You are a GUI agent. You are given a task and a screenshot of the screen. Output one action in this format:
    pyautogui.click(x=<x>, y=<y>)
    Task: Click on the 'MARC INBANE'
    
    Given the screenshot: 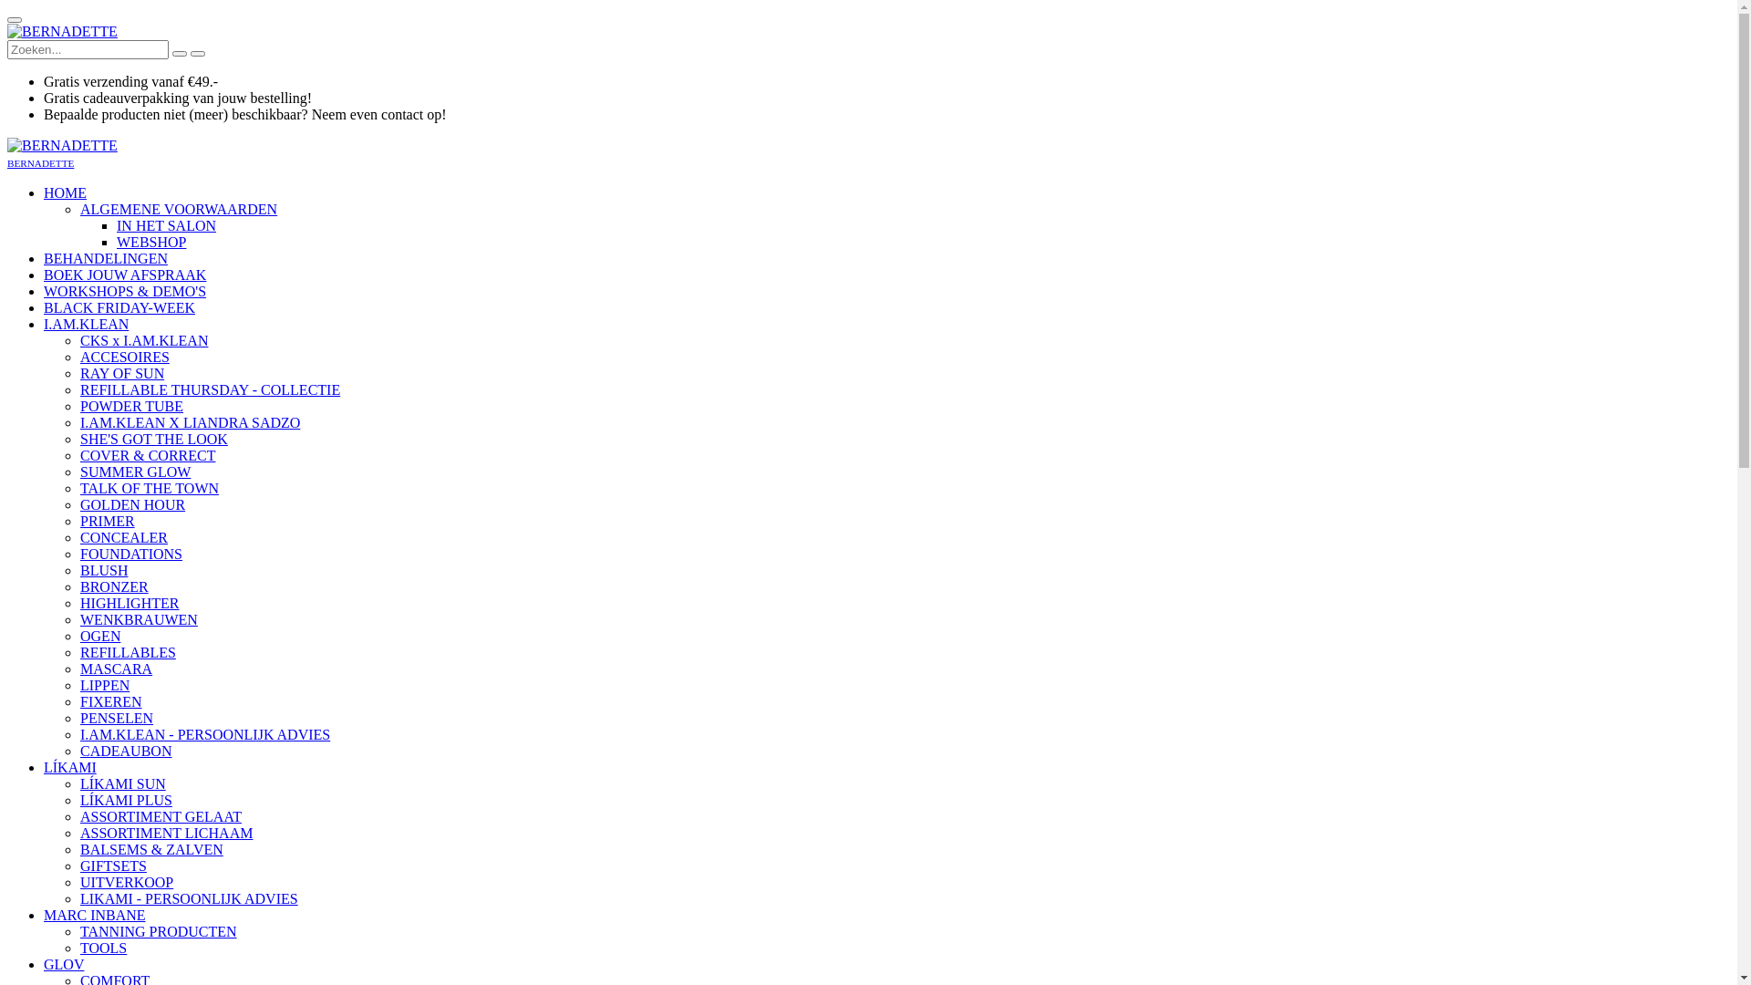 What is the action you would take?
    pyautogui.click(x=94, y=915)
    